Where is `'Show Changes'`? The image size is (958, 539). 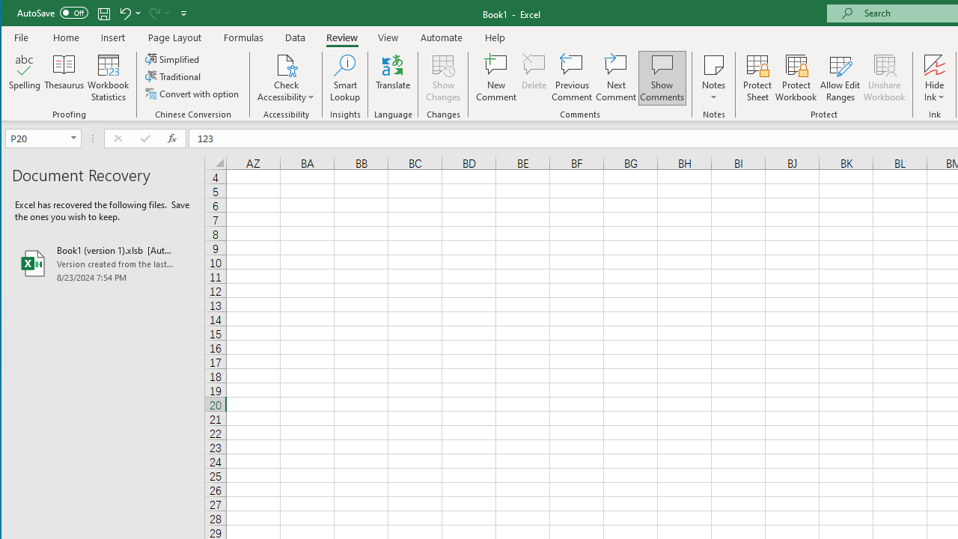 'Show Changes' is located at coordinates (442, 78).